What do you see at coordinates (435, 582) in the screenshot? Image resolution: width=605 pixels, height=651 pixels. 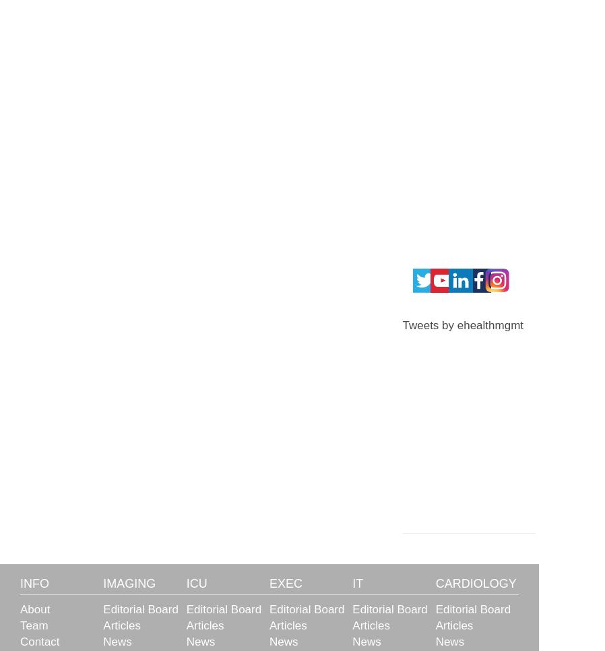 I see `'CARDIOLOGY'` at bounding box center [435, 582].